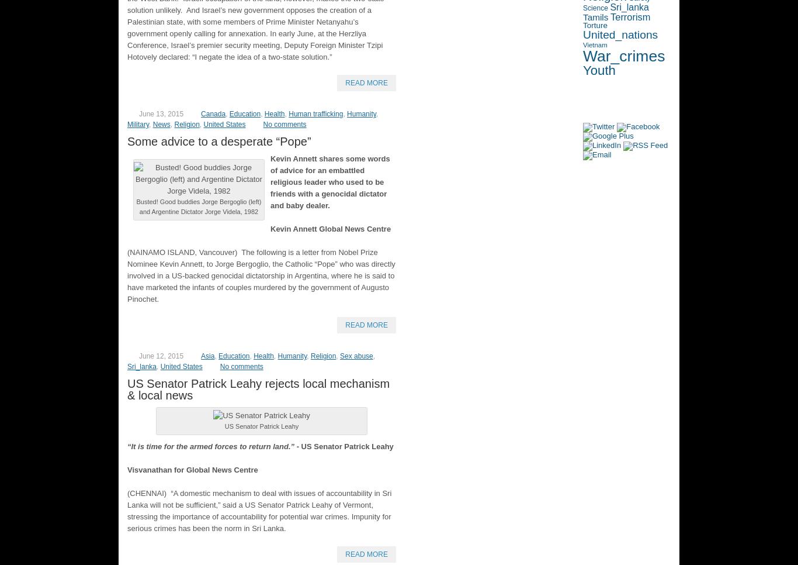 This screenshot has height=565, width=798. Describe the element at coordinates (330, 229) in the screenshot. I see `'Kevin Annett Global News Centre'` at that location.